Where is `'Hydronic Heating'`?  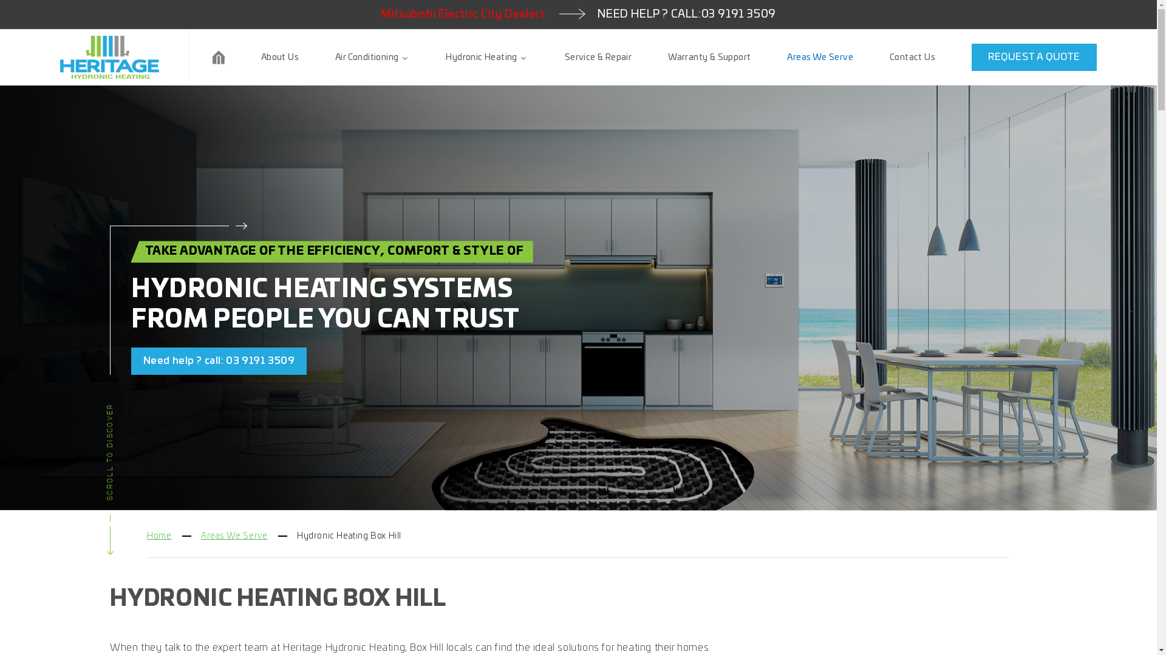
'Hydronic Heating' is located at coordinates (445, 57).